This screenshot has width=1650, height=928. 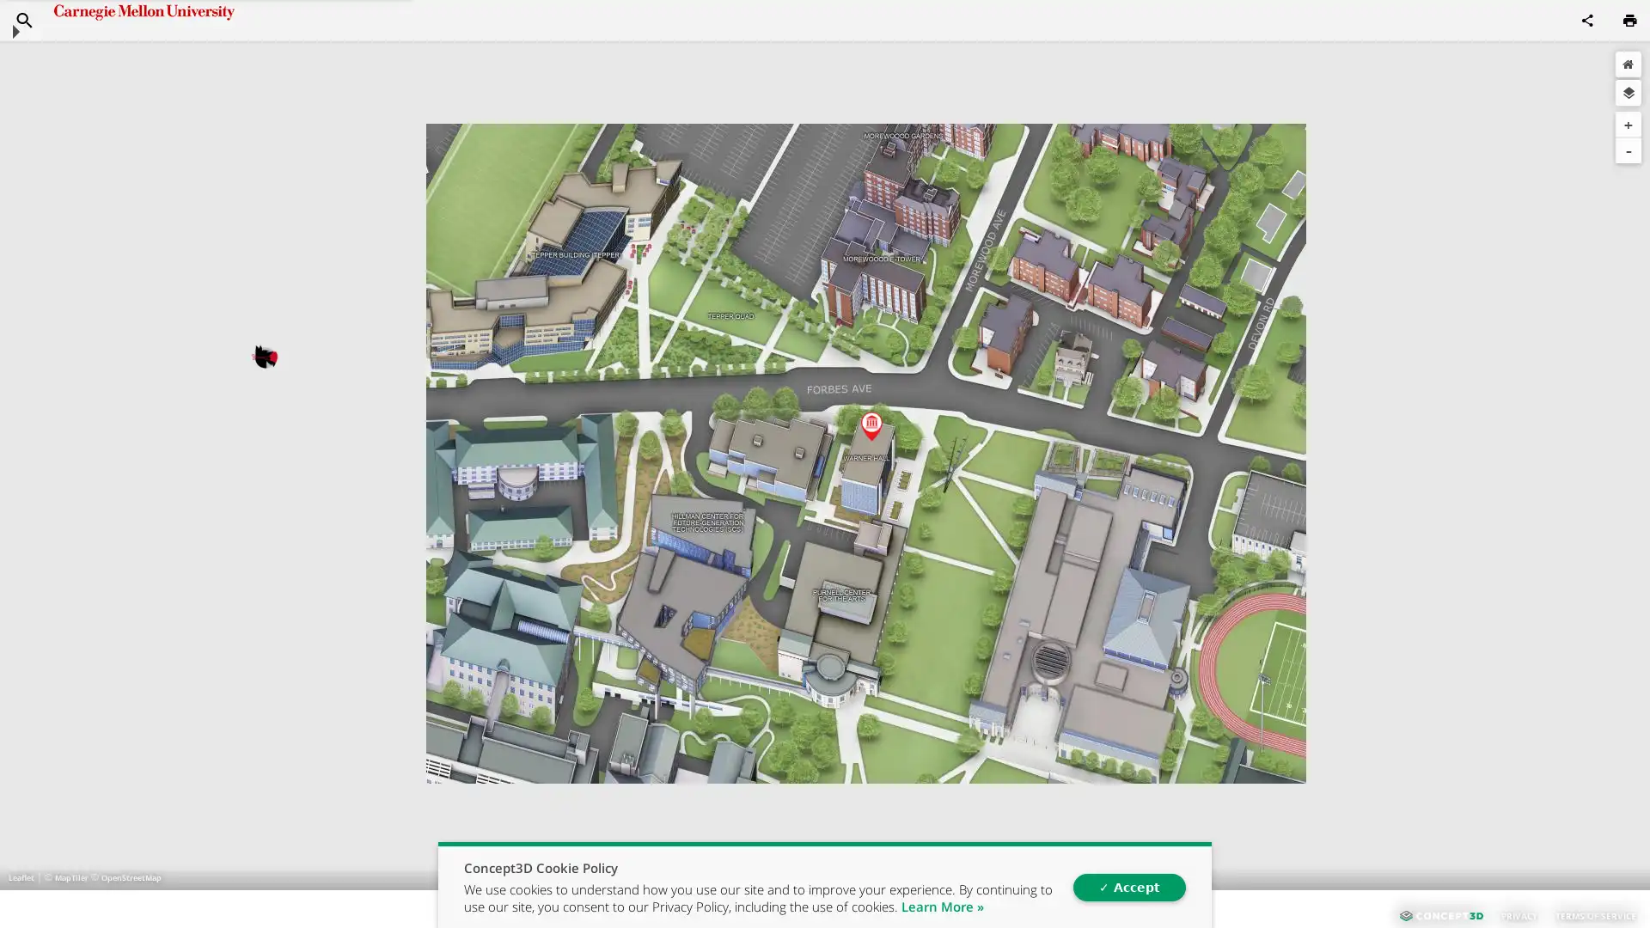 I want to click on open map layers, so click(x=1628, y=93).